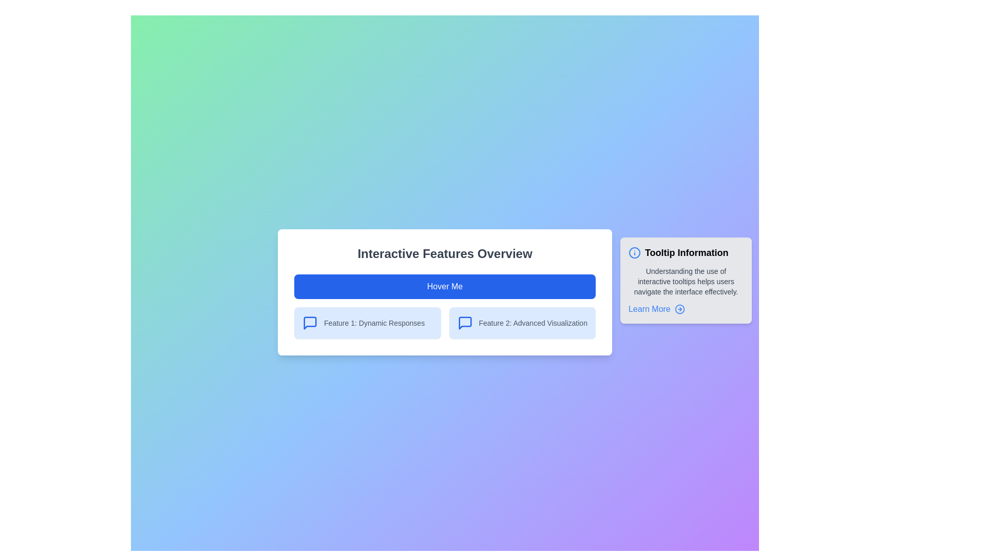  What do you see at coordinates (679, 308) in the screenshot?
I see `the circular icon with a right-pointing arrow and a thin blue outline, located to the right of the 'Learn More' text, to trigger a visual change` at bounding box center [679, 308].